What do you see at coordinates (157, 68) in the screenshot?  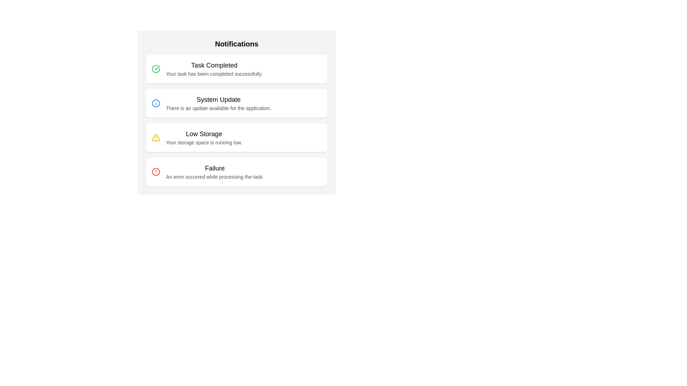 I see `the green checkmark icon inside the circular graphical component, which is part of the 'Task Completed' notification` at bounding box center [157, 68].